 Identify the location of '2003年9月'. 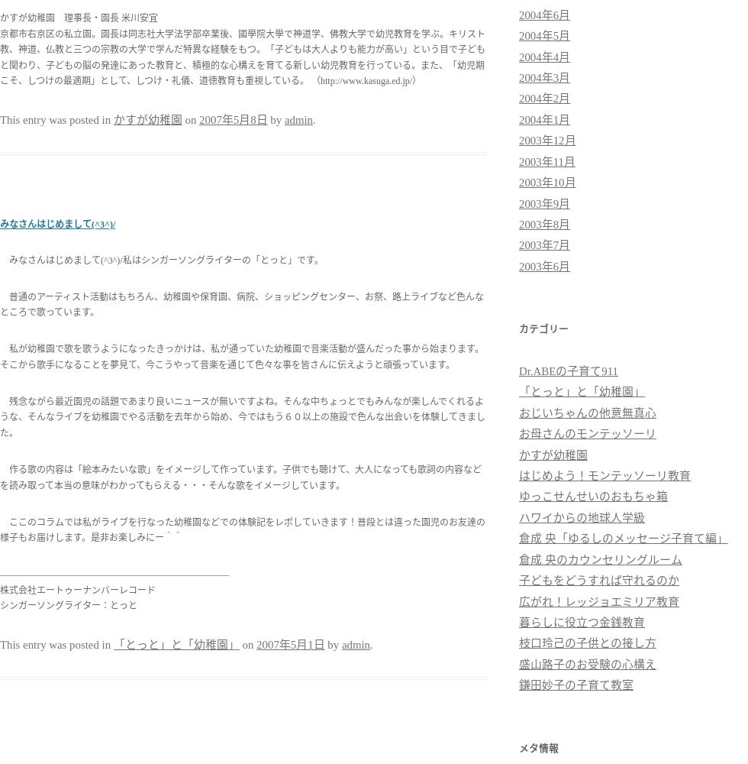
(544, 203).